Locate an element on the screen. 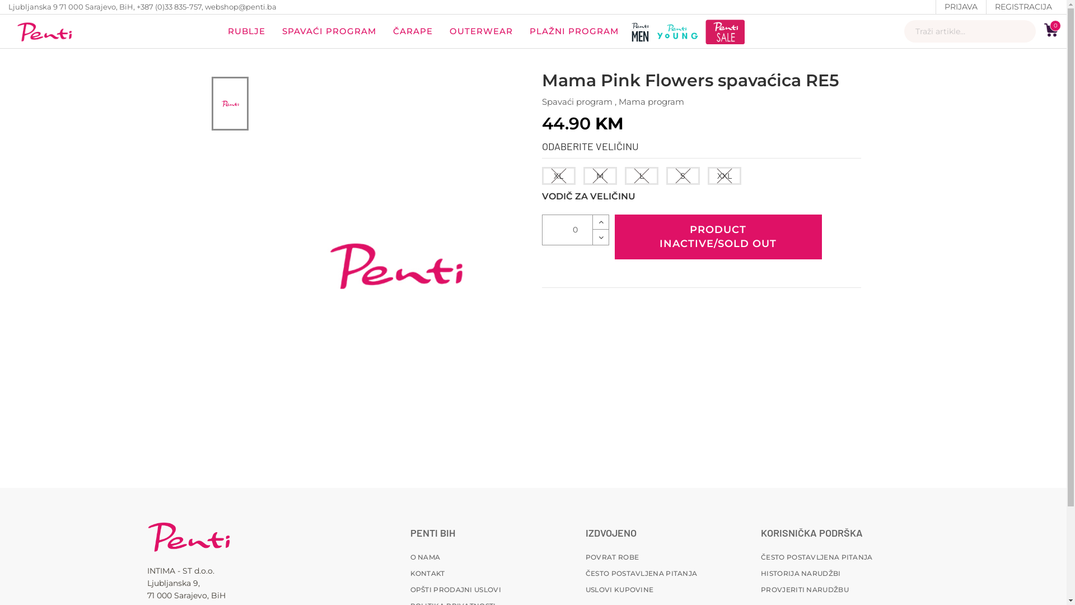 The width and height of the screenshot is (1075, 605). 'RUBLJE' is located at coordinates (246, 31).